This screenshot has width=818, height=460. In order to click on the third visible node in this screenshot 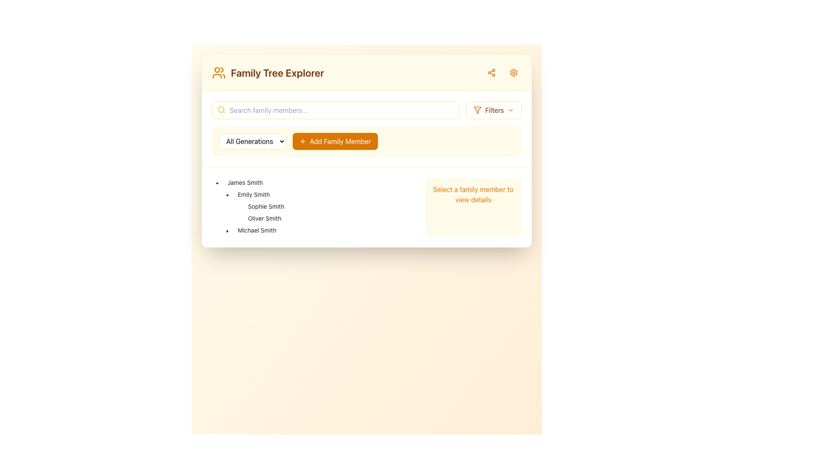, I will do `click(249, 207)`.